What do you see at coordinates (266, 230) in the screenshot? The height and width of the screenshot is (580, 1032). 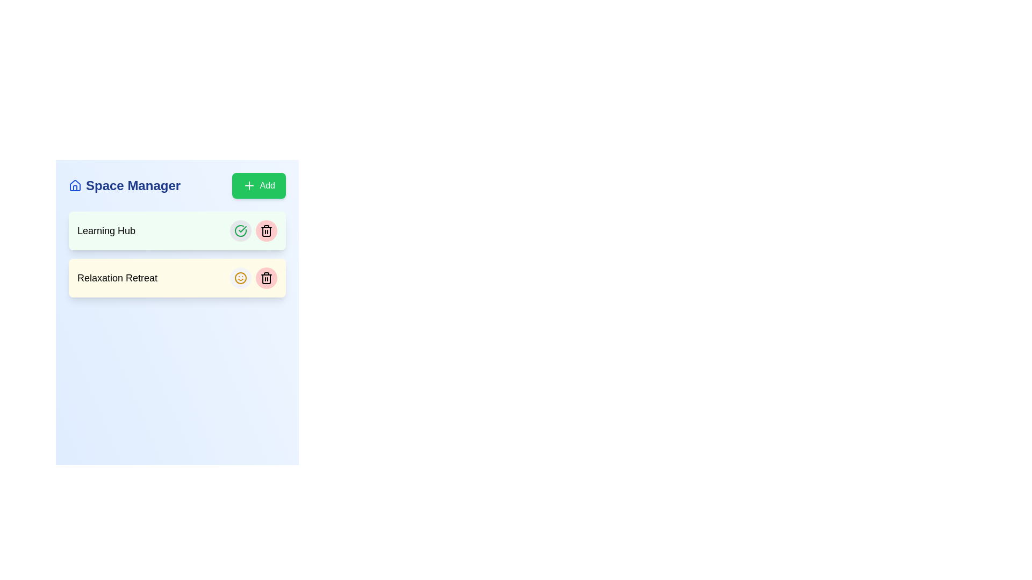 I see `the trash can icon located to the right of the 'Learning Hub' text for additional options` at bounding box center [266, 230].